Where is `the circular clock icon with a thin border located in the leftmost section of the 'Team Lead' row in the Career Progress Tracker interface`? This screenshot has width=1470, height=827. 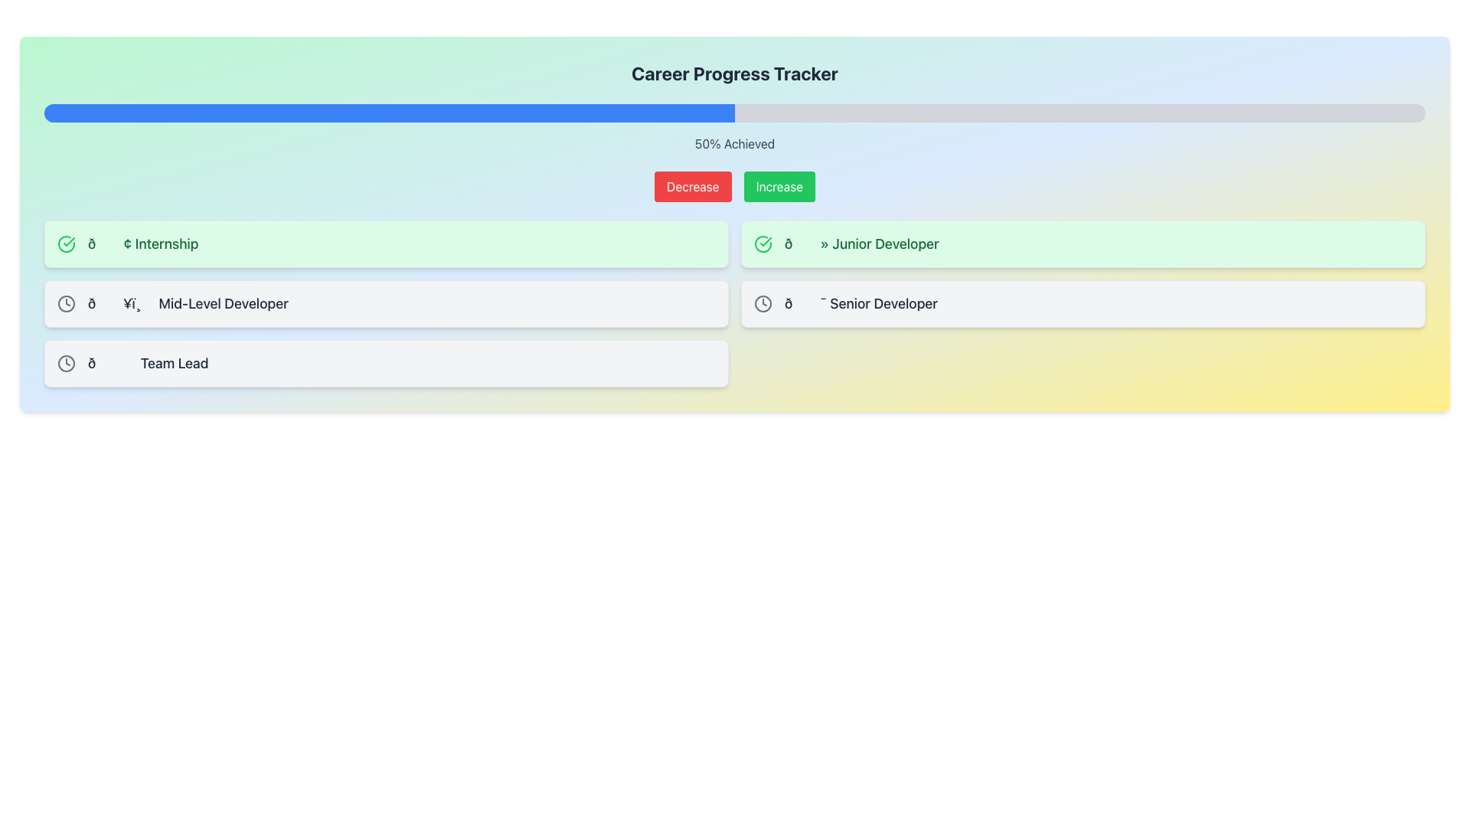 the circular clock icon with a thin border located in the leftmost section of the 'Team Lead' row in the Career Progress Tracker interface is located at coordinates (65, 304).